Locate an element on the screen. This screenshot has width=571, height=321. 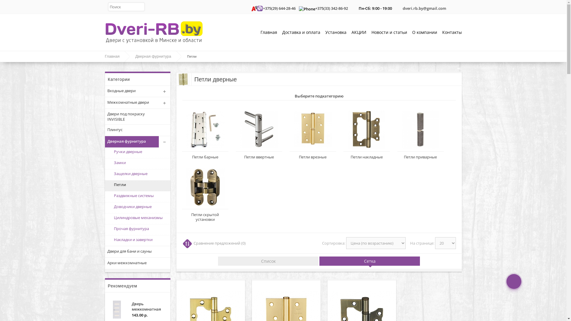
'+375(29) 644-28-46' is located at coordinates (279, 8).